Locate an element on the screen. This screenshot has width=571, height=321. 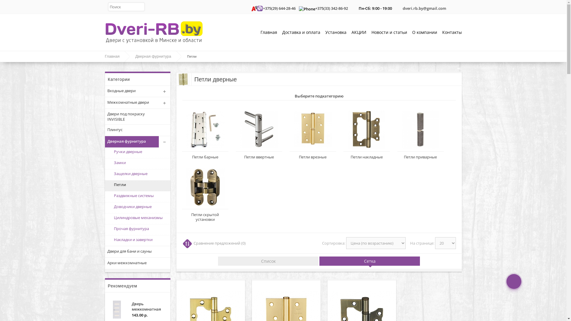
'+375(29) 644-28-46' is located at coordinates (279, 8).